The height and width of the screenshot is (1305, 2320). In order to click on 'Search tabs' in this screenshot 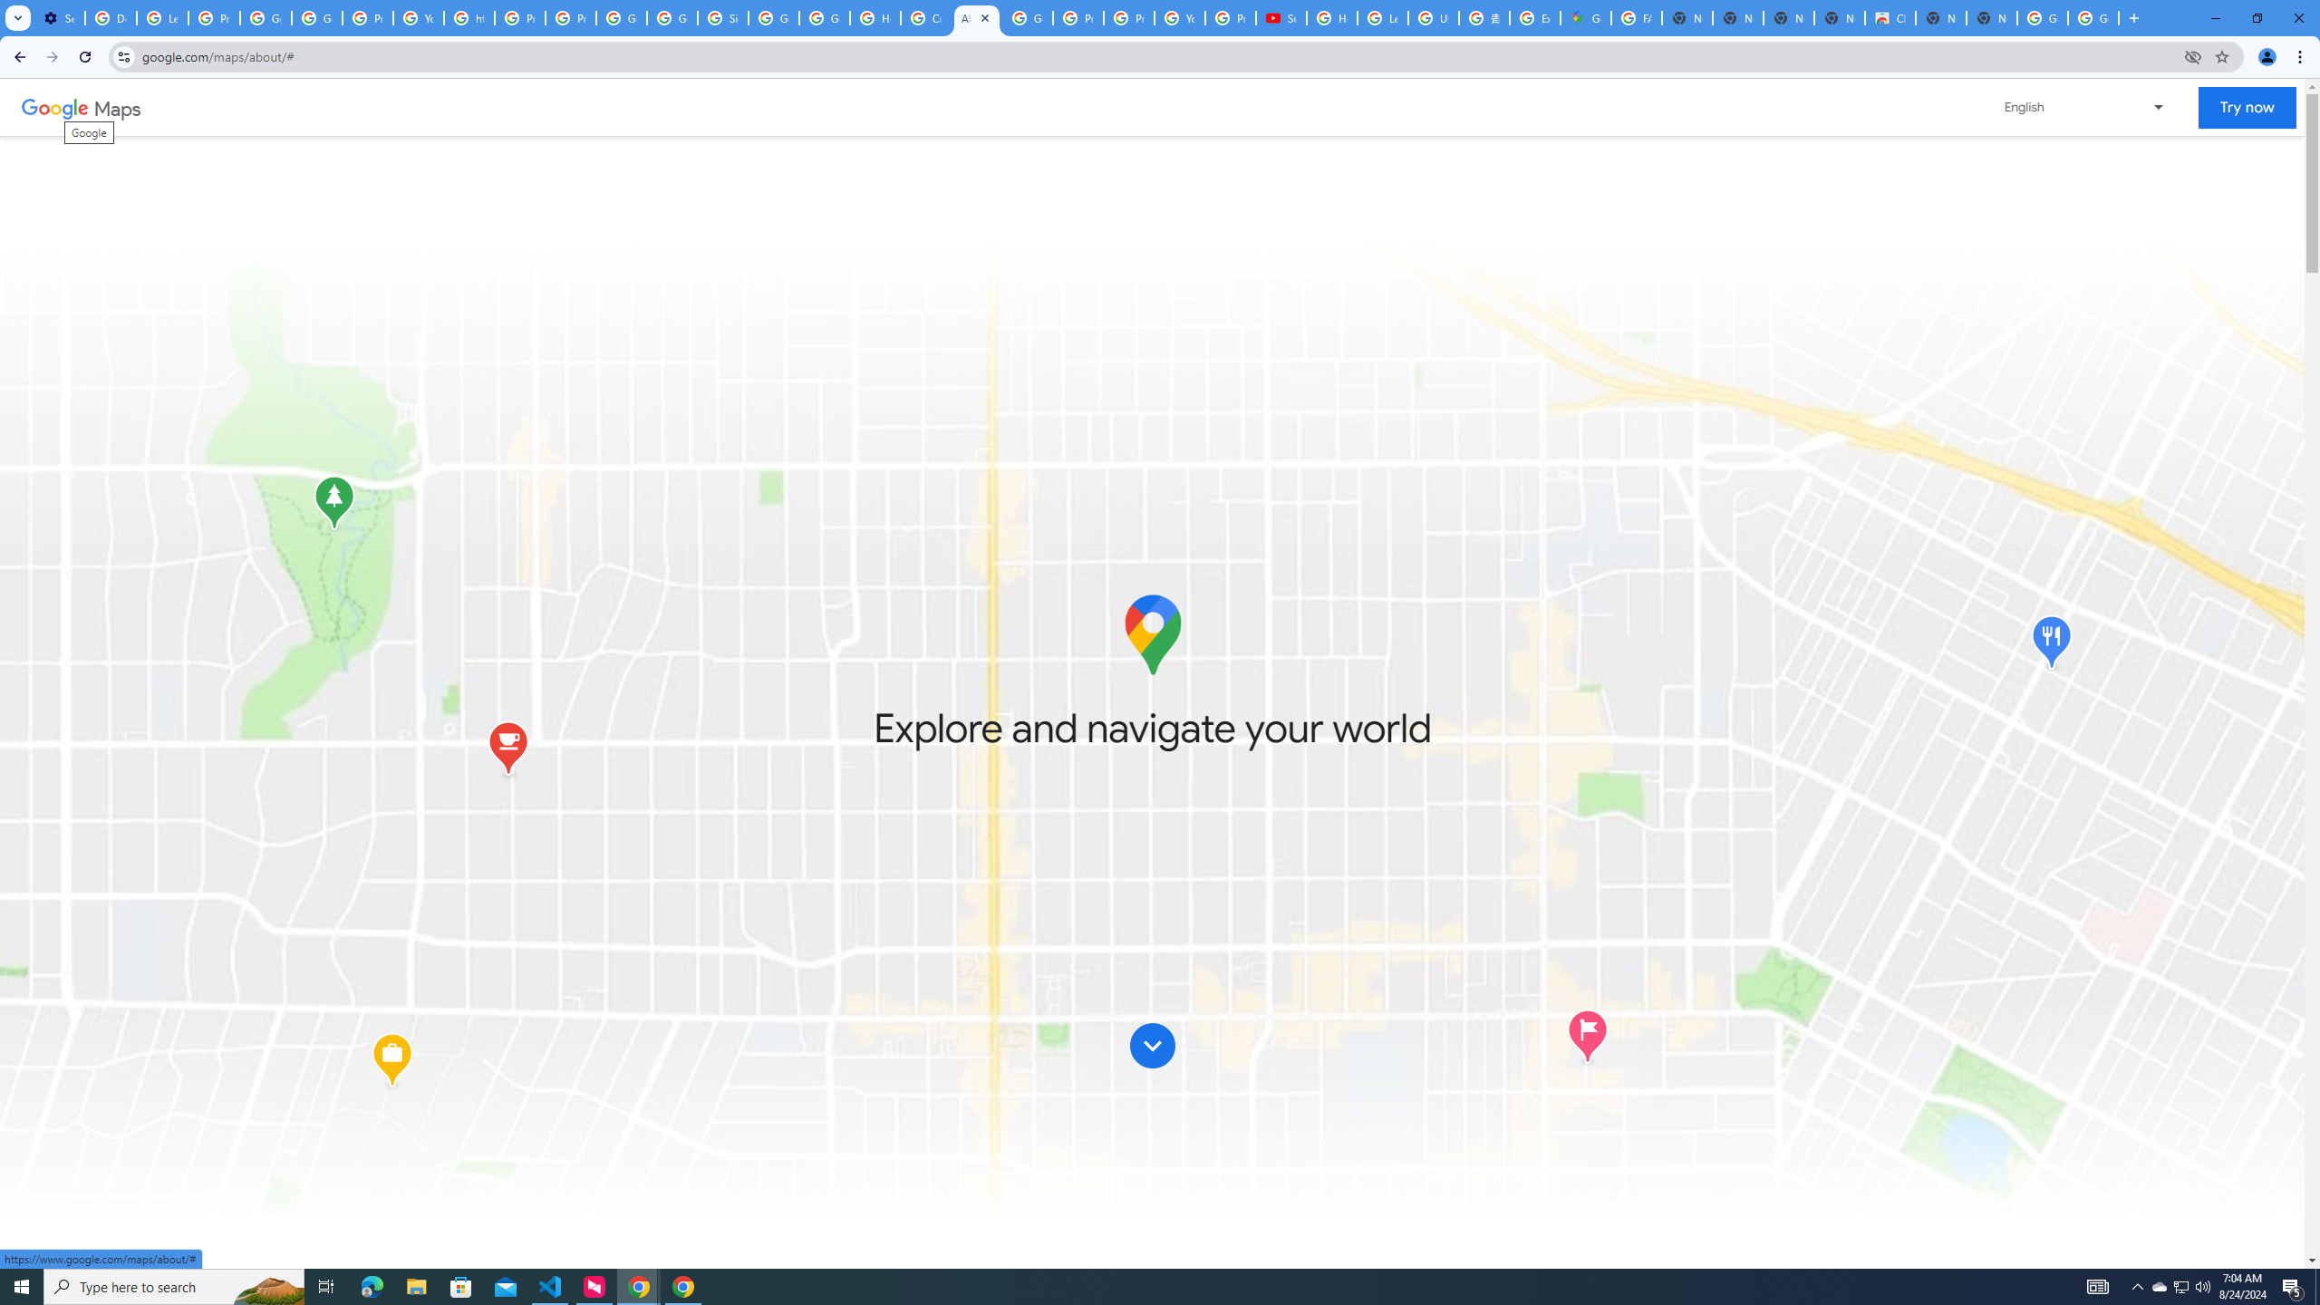, I will do `click(17, 17)`.